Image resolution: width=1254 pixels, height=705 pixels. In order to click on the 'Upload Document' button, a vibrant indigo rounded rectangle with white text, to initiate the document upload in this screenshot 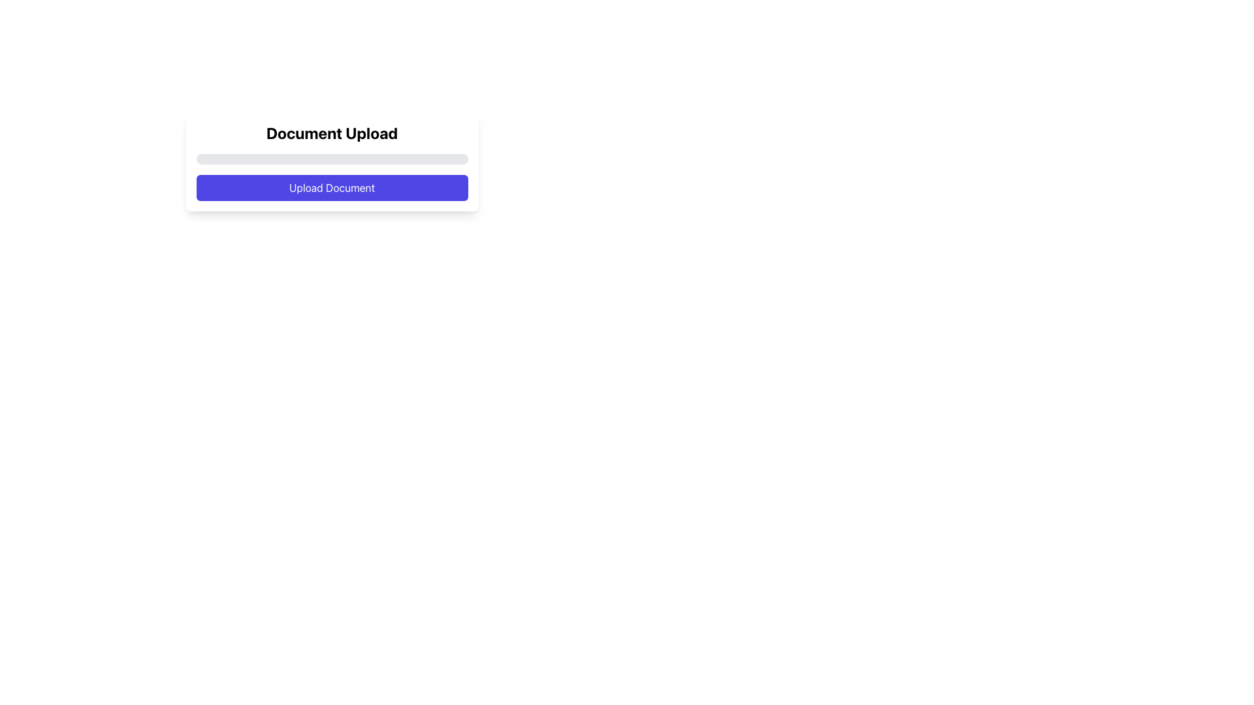, I will do `click(332, 188)`.